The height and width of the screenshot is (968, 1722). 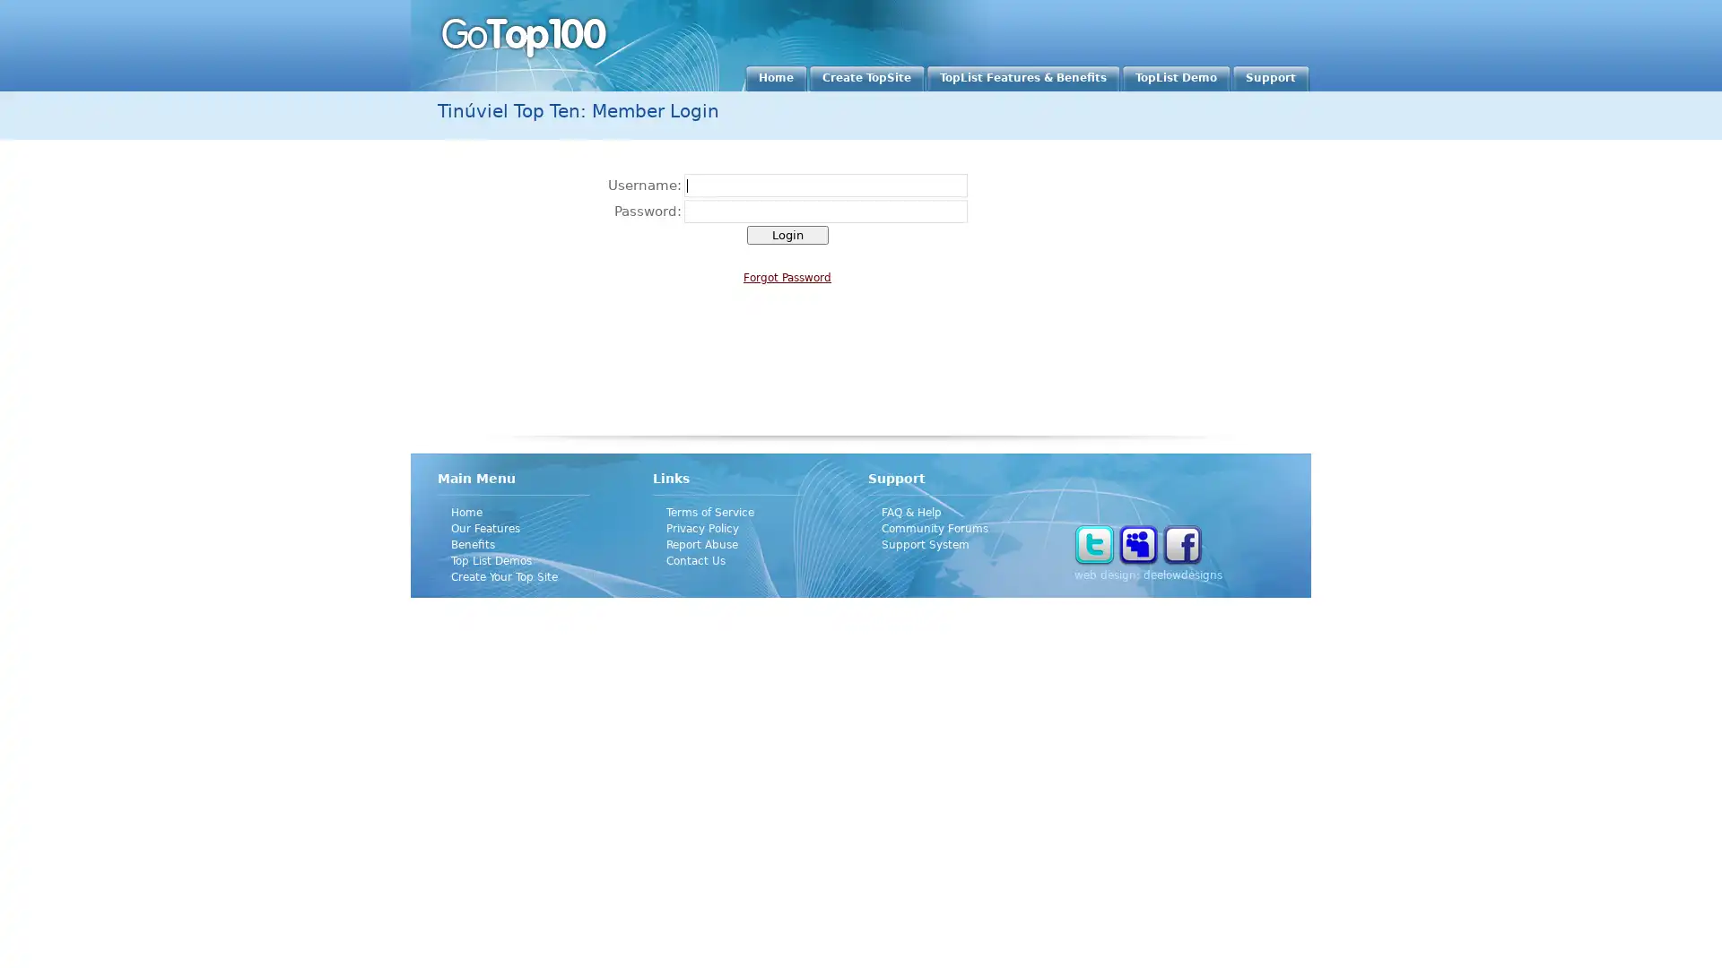 What do you see at coordinates (787, 234) in the screenshot?
I see `Login` at bounding box center [787, 234].